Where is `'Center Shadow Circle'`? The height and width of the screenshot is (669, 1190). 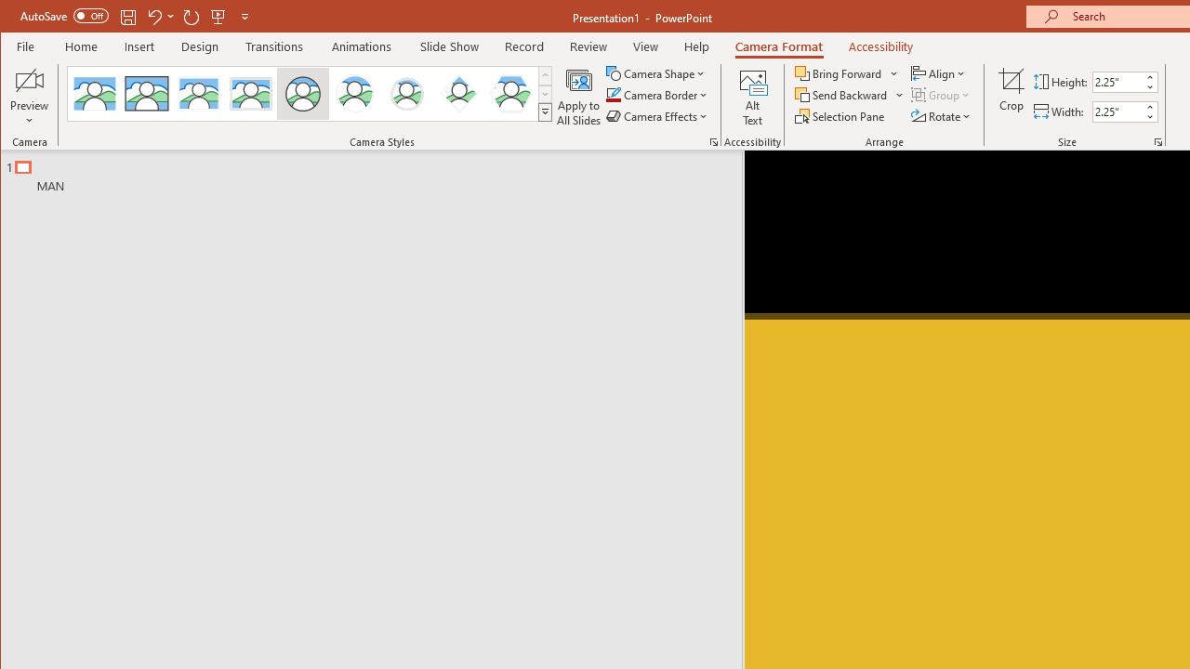
'Center Shadow Circle' is located at coordinates (355, 93).